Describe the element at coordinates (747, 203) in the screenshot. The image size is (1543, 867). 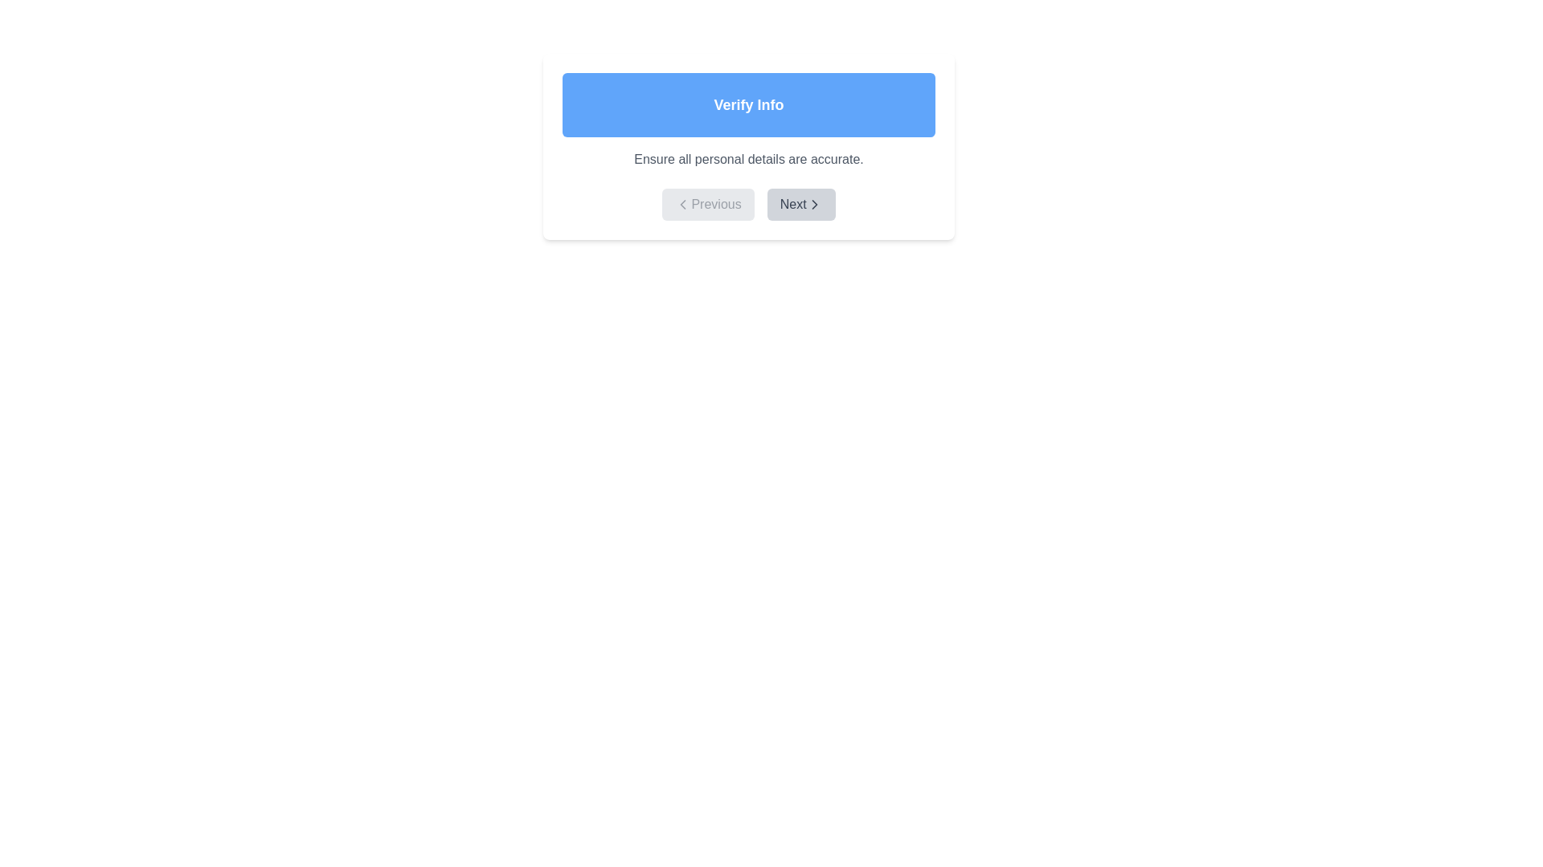
I see `the Button Group containing 'Previous' and 'Next' buttons, located at the bottom of the 'Verify Info' panel for visual feedback` at that location.